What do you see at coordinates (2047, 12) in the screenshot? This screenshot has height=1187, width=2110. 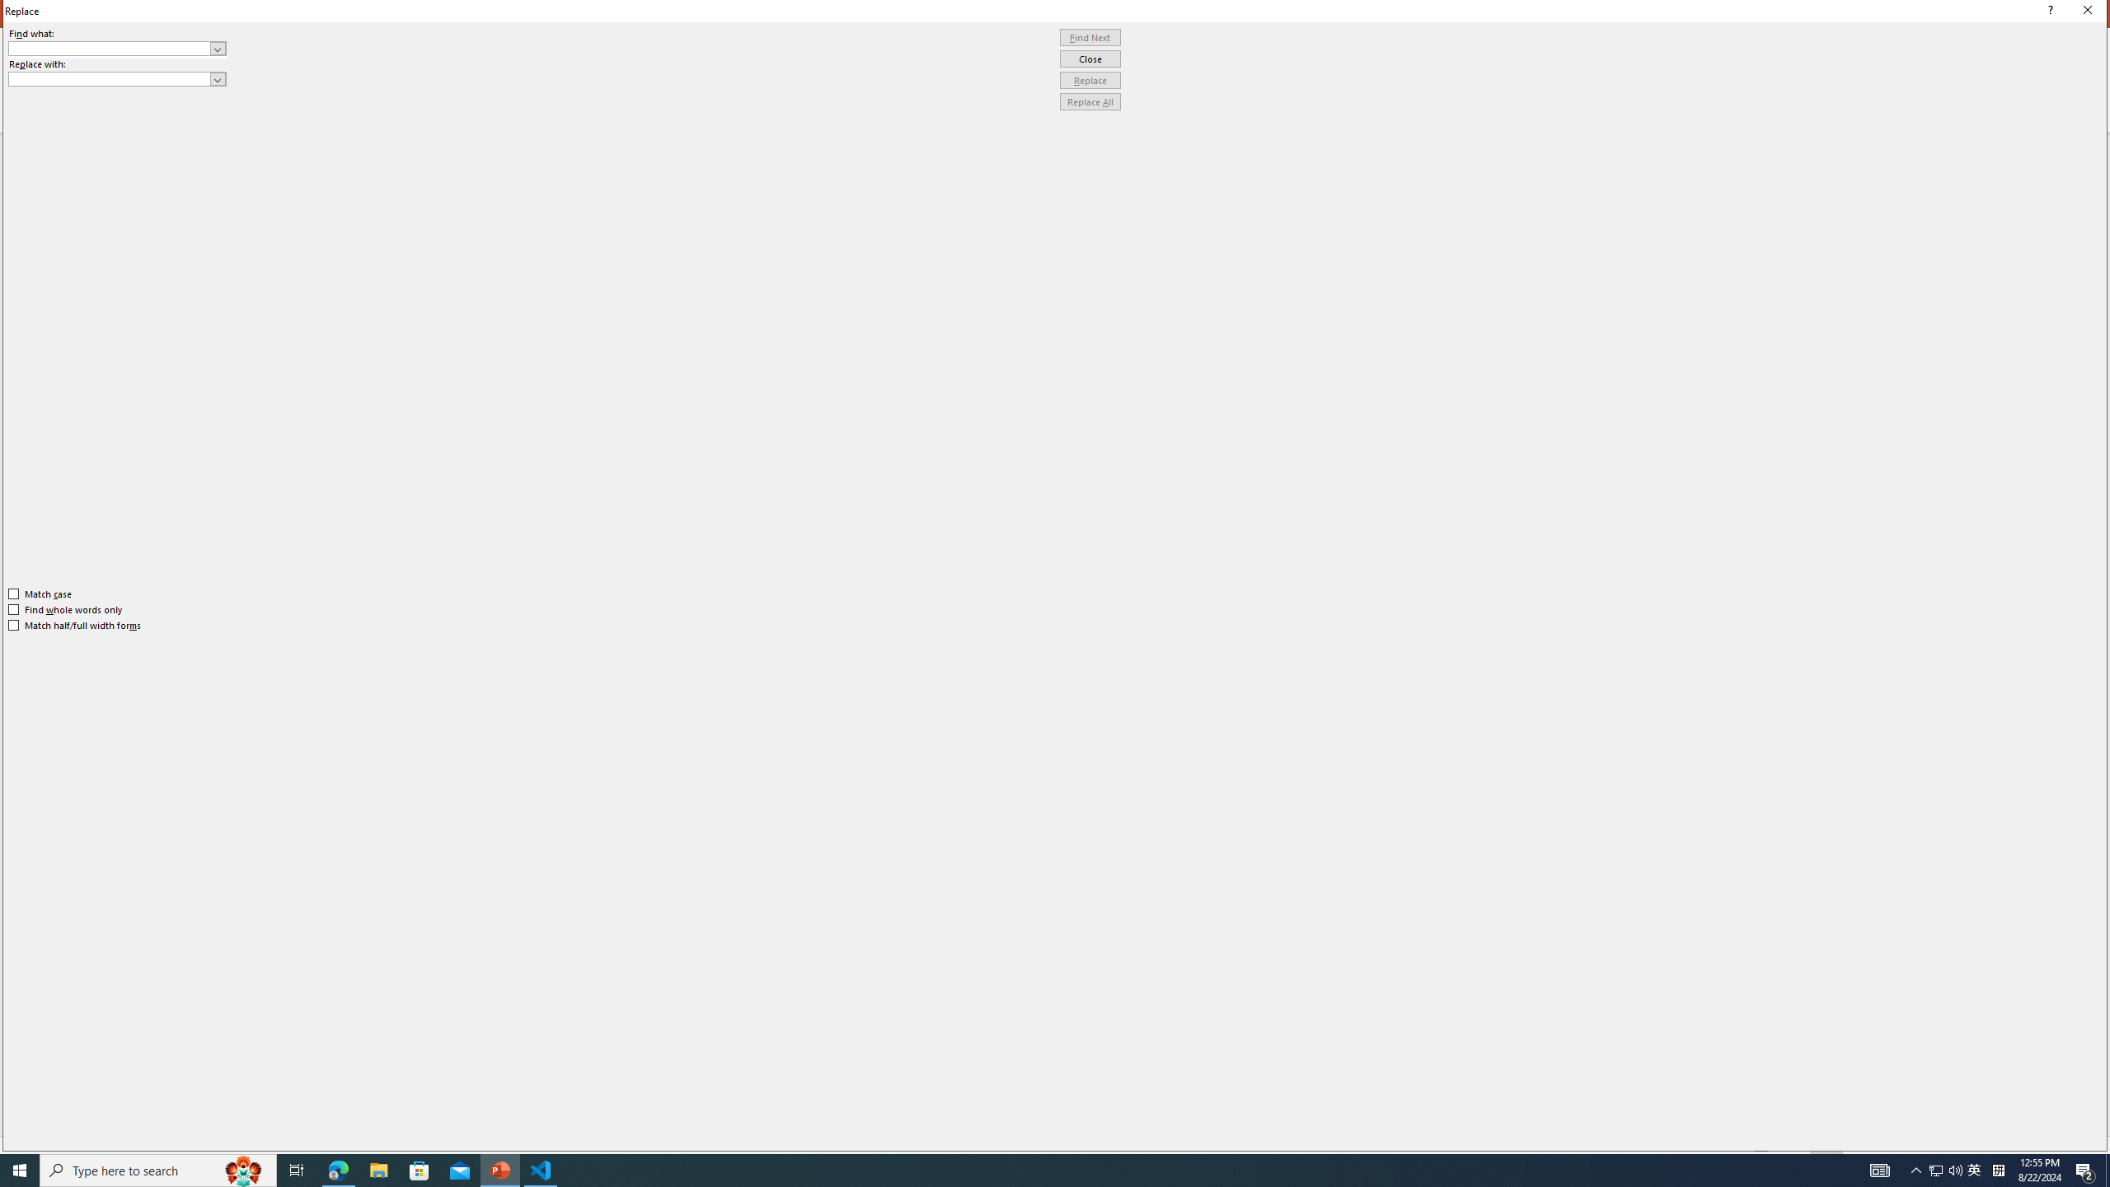 I see `'Context help'` at bounding box center [2047, 12].